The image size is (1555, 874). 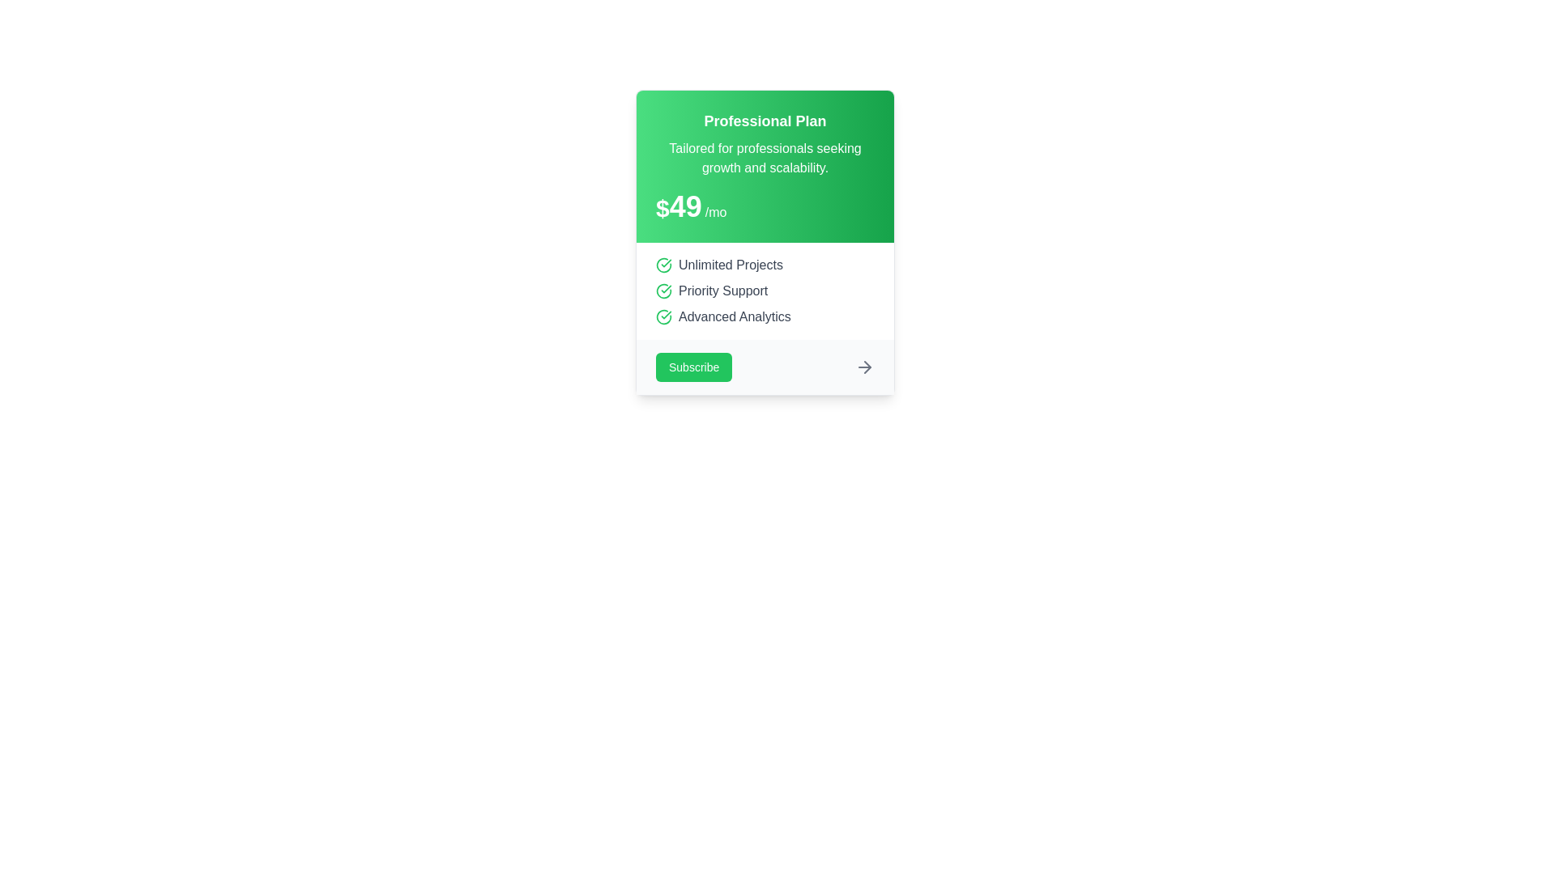 I want to click on the pricing information text displaying '49/mo' in bold and smaller text, located centrally within the green header of the 'Professional Plan' card, so click(x=765, y=206).